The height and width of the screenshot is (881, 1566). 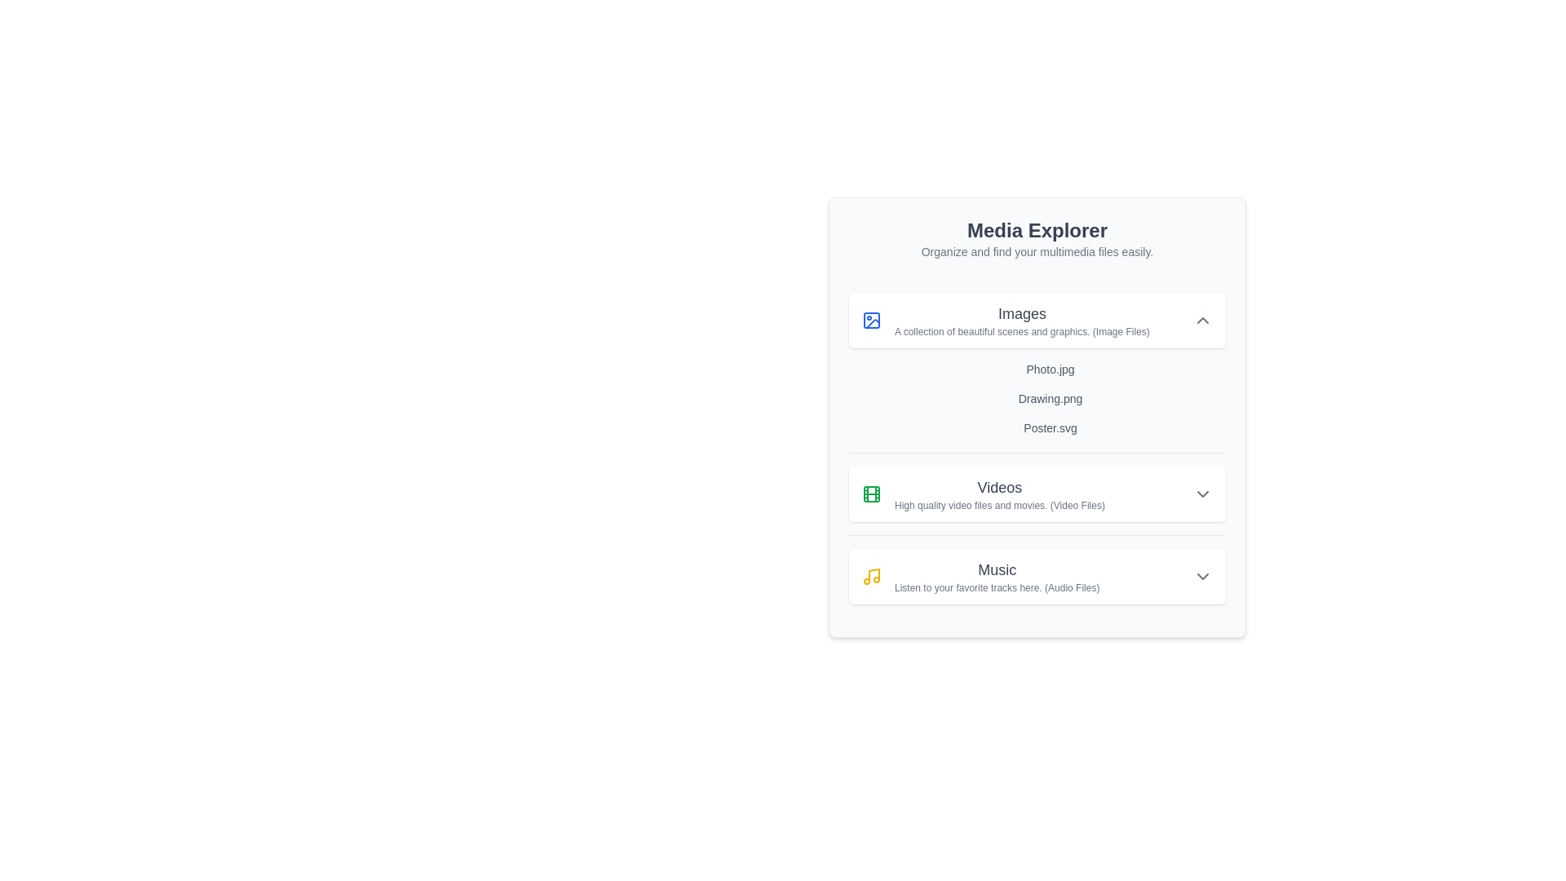 What do you see at coordinates (1037, 239) in the screenshot?
I see `the header titled 'Media Explorer'` at bounding box center [1037, 239].